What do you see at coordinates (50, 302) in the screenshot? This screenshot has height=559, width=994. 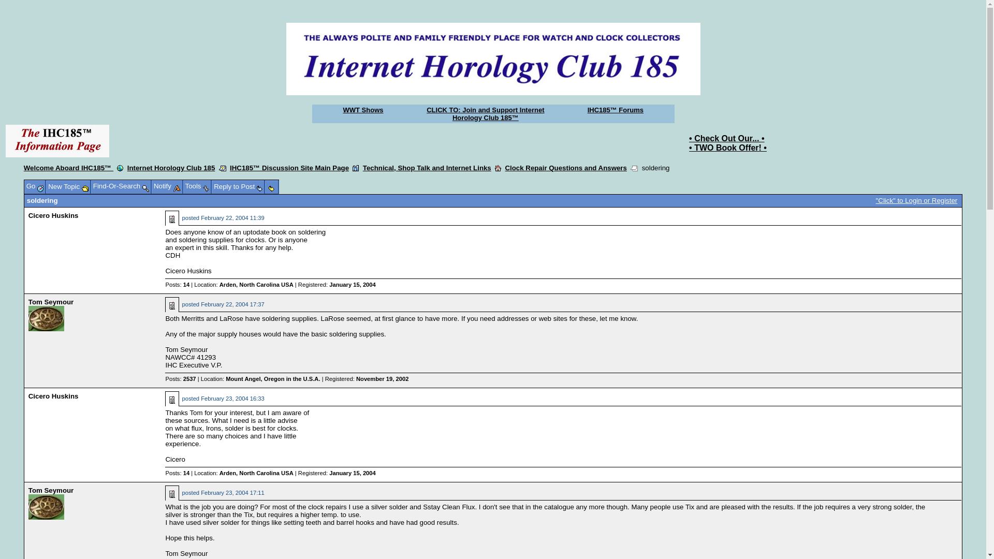 I see `'Tom Seymour'` at bounding box center [50, 302].